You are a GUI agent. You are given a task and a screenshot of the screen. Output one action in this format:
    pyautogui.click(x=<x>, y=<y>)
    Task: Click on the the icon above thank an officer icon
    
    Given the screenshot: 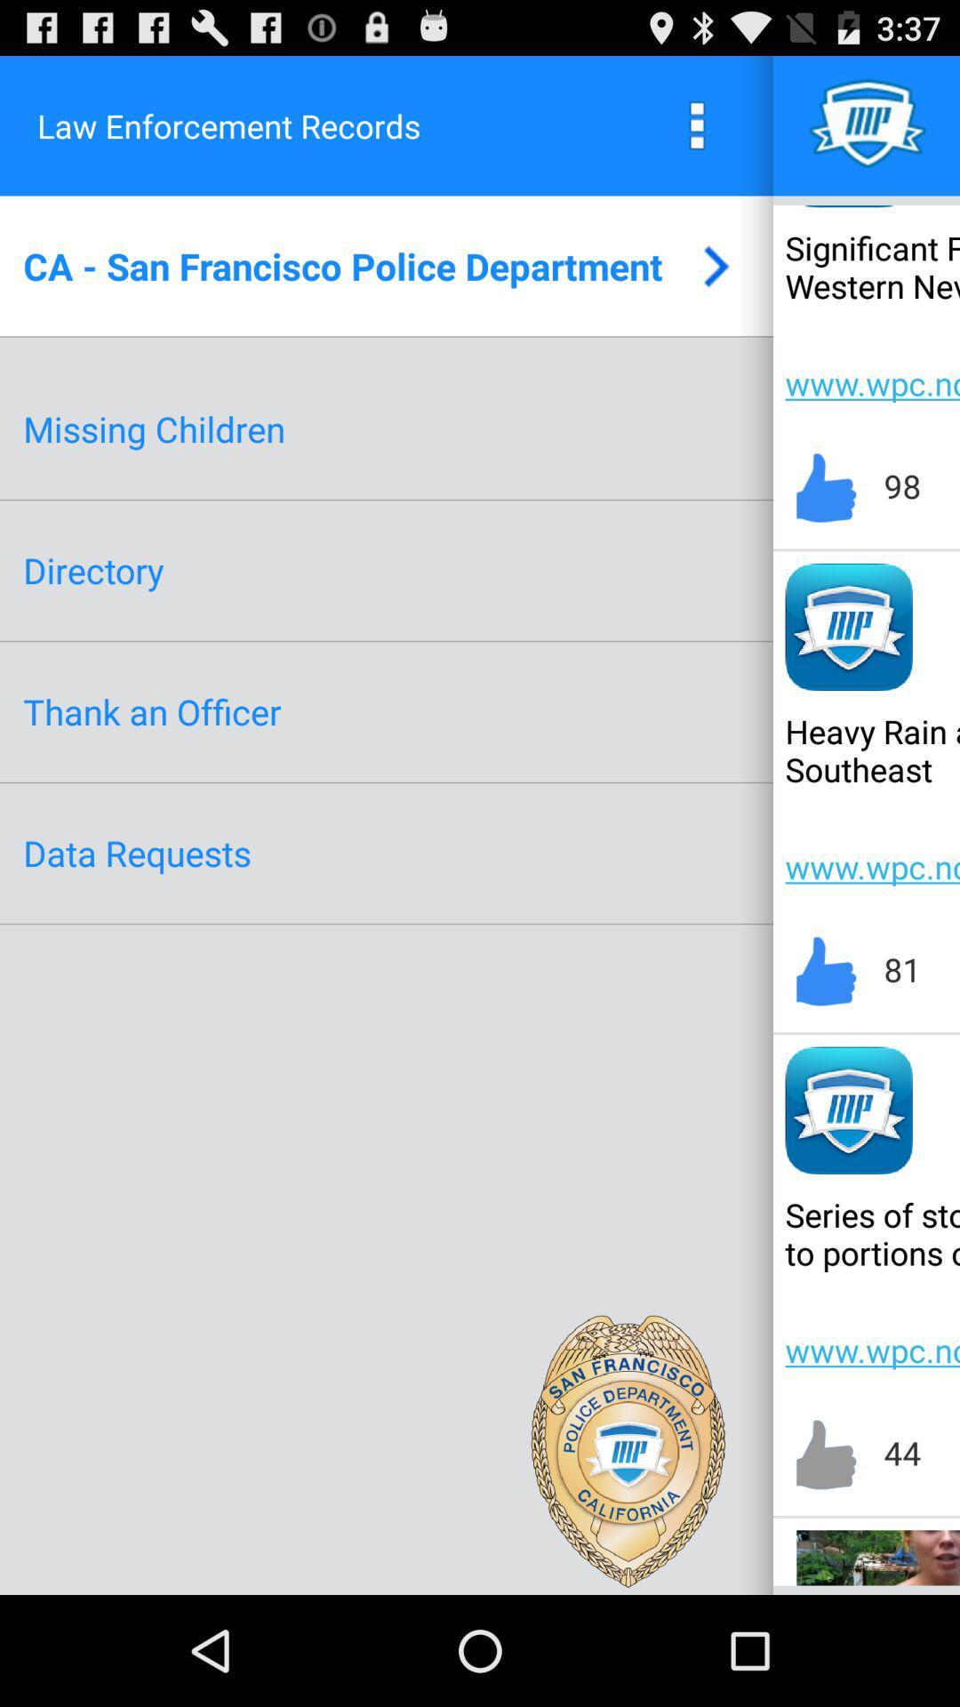 What is the action you would take?
    pyautogui.click(x=93, y=570)
    